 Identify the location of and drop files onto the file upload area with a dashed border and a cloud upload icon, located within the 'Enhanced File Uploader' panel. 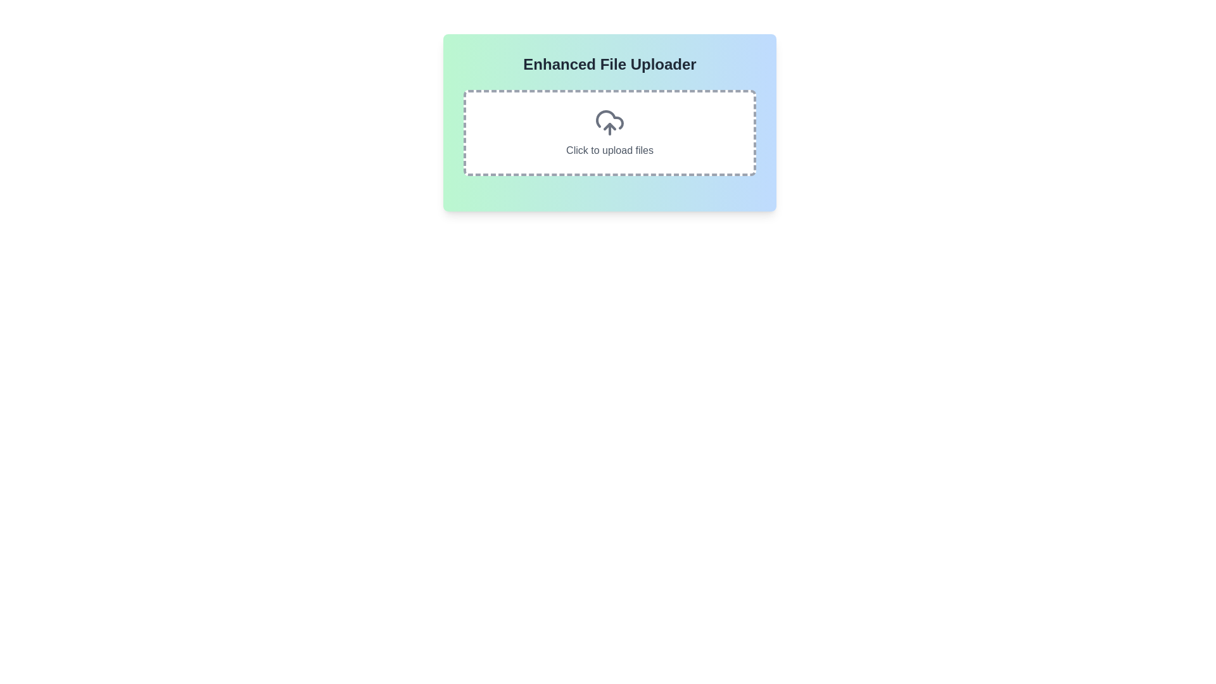
(610, 132).